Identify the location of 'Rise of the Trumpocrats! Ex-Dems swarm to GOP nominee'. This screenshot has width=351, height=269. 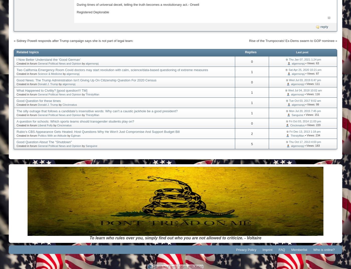
(292, 40).